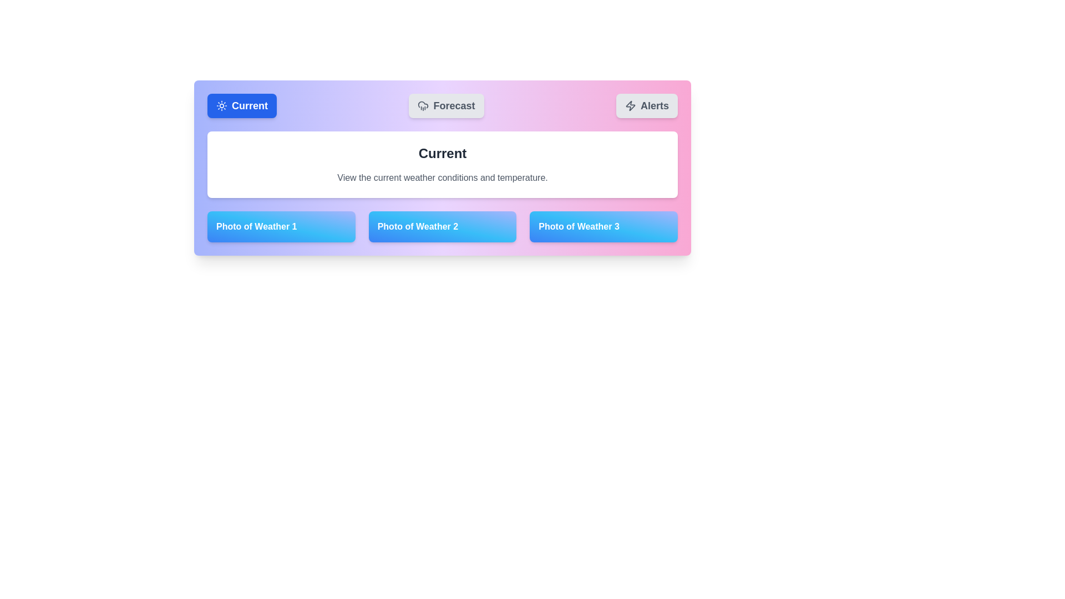 The image size is (1065, 599). What do you see at coordinates (417, 226) in the screenshot?
I see `the bold text label displaying 'Photo of Weather 2' on the gradient blue background` at bounding box center [417, 226].